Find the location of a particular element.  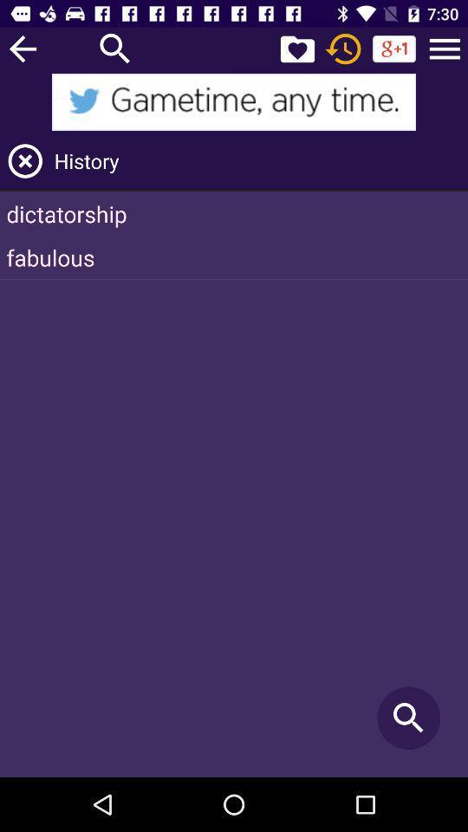

dictatorship item is located at coordinates (234, 212).